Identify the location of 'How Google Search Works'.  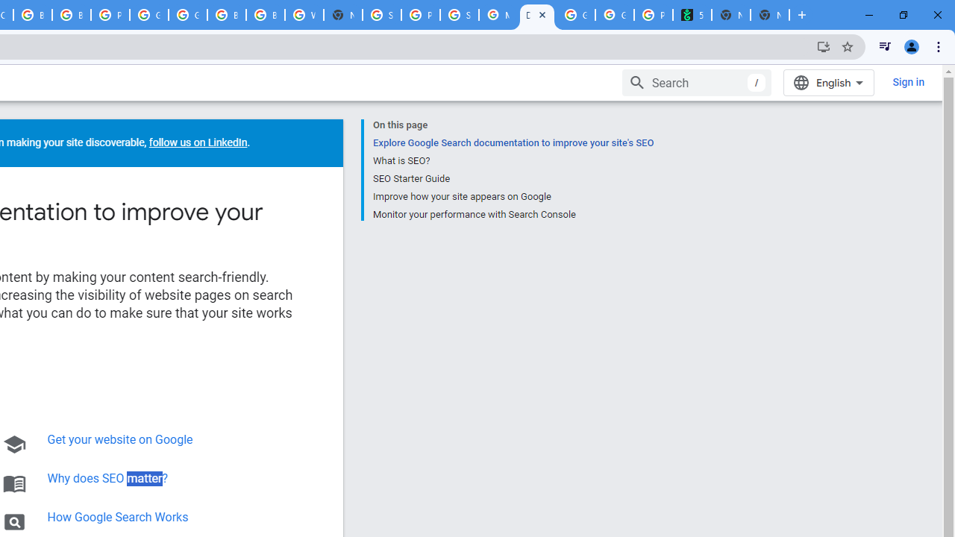
(117, 516).